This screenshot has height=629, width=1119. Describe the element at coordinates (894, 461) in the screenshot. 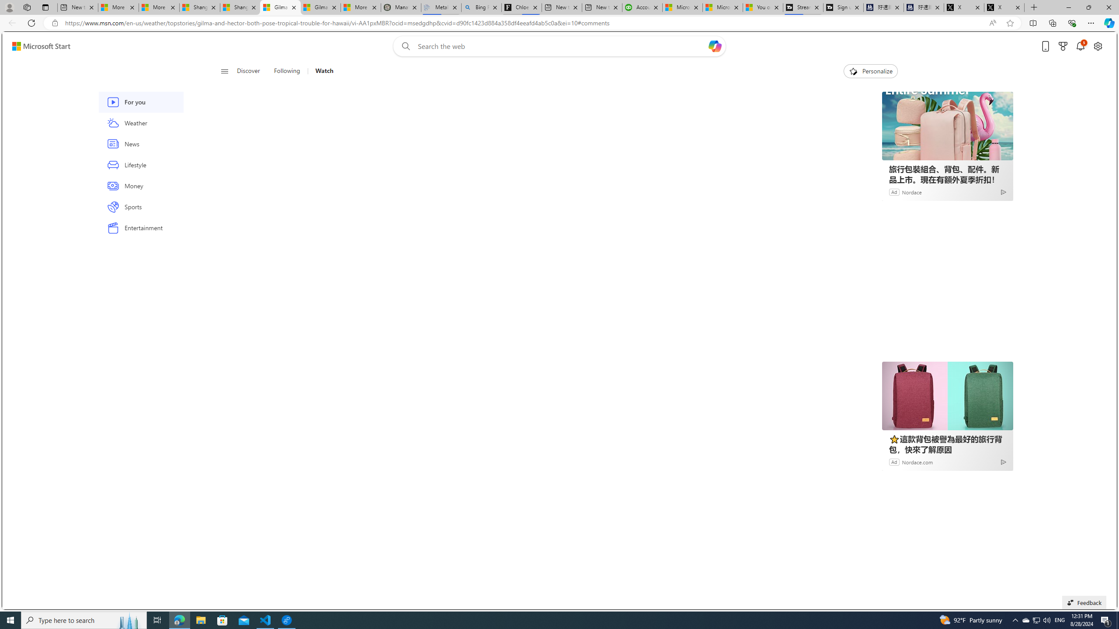

I see `'Ad'` at that location.